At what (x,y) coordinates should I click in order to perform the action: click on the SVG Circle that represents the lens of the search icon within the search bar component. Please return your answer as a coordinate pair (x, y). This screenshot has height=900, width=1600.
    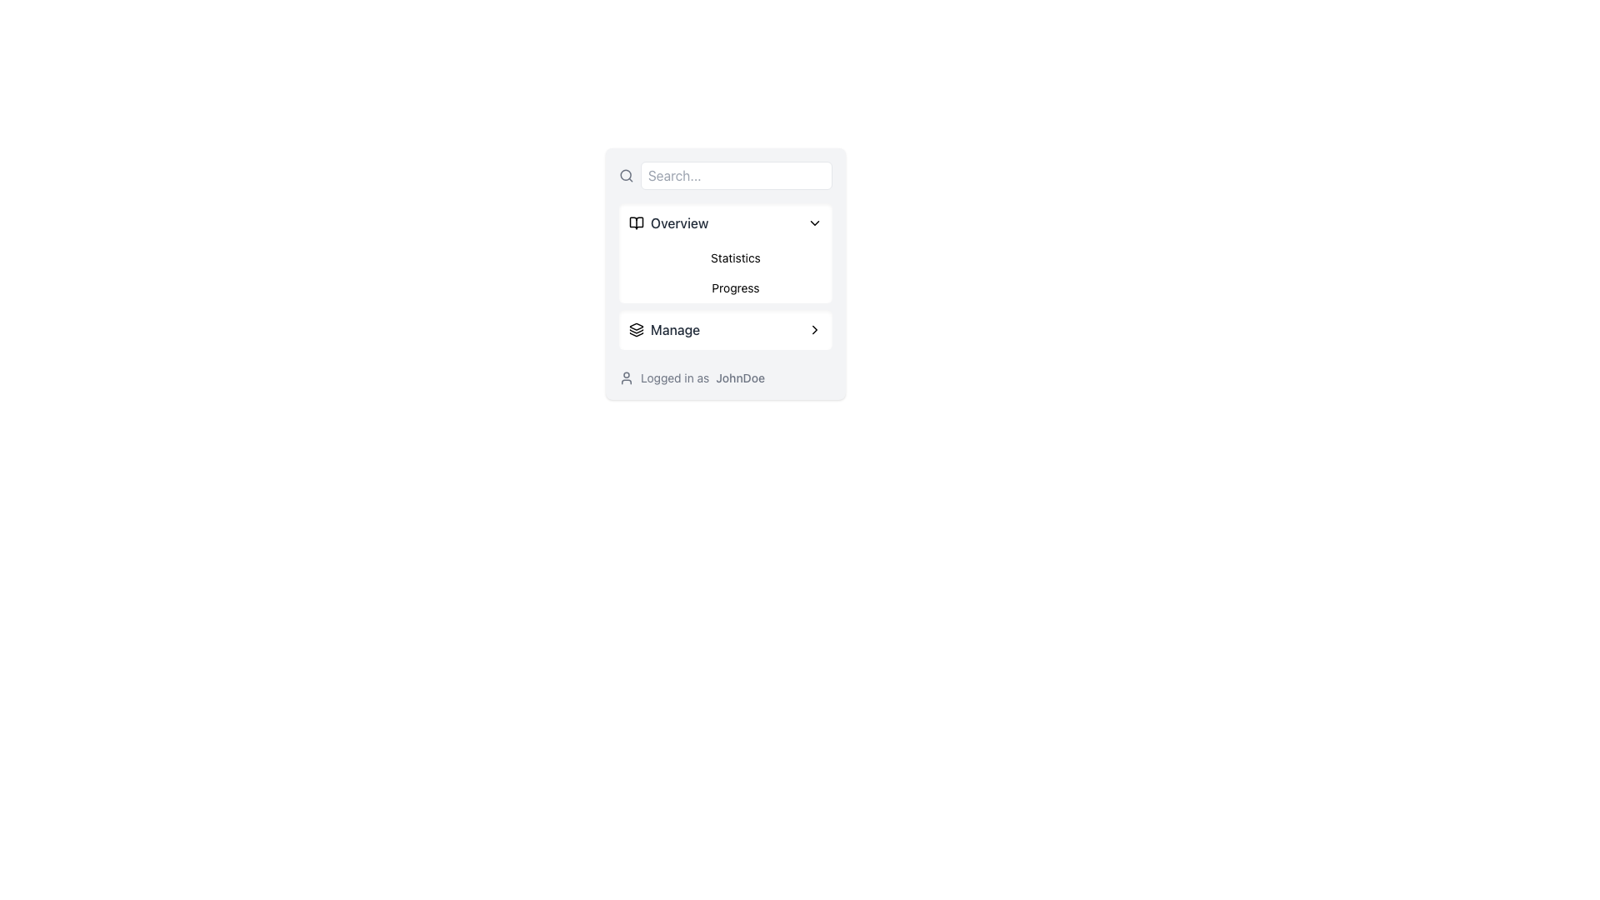
    Looking at the image, I should click on (625, 175).